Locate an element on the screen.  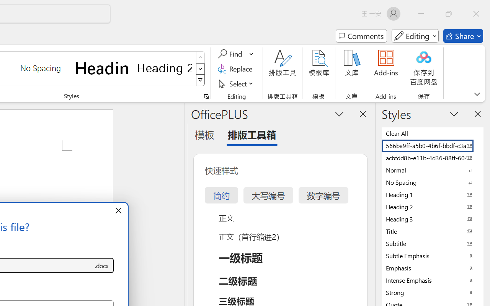
'acbfdd8b-e11b-4d36-88ff-6049b138f862' is located at coordinates (433, 158).